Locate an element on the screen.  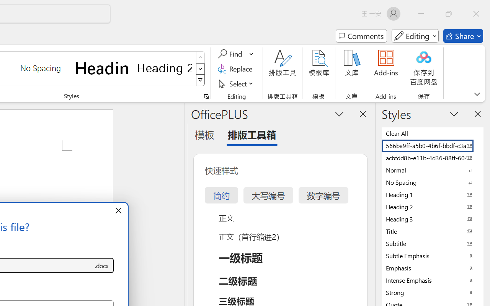
'acbfdd8b-e11b-4d36-88ff-6049b138f862' is located at coordinates (433, 158).